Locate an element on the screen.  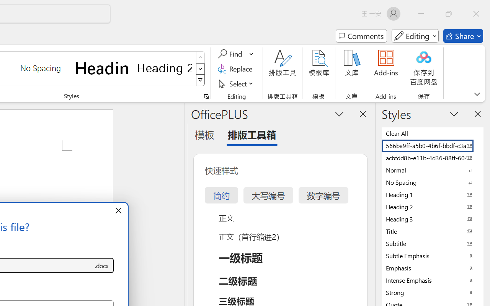
'acbfdd8b-e11b-4d36-88ff-6049b138f862' is located at coordinates (433, 158).